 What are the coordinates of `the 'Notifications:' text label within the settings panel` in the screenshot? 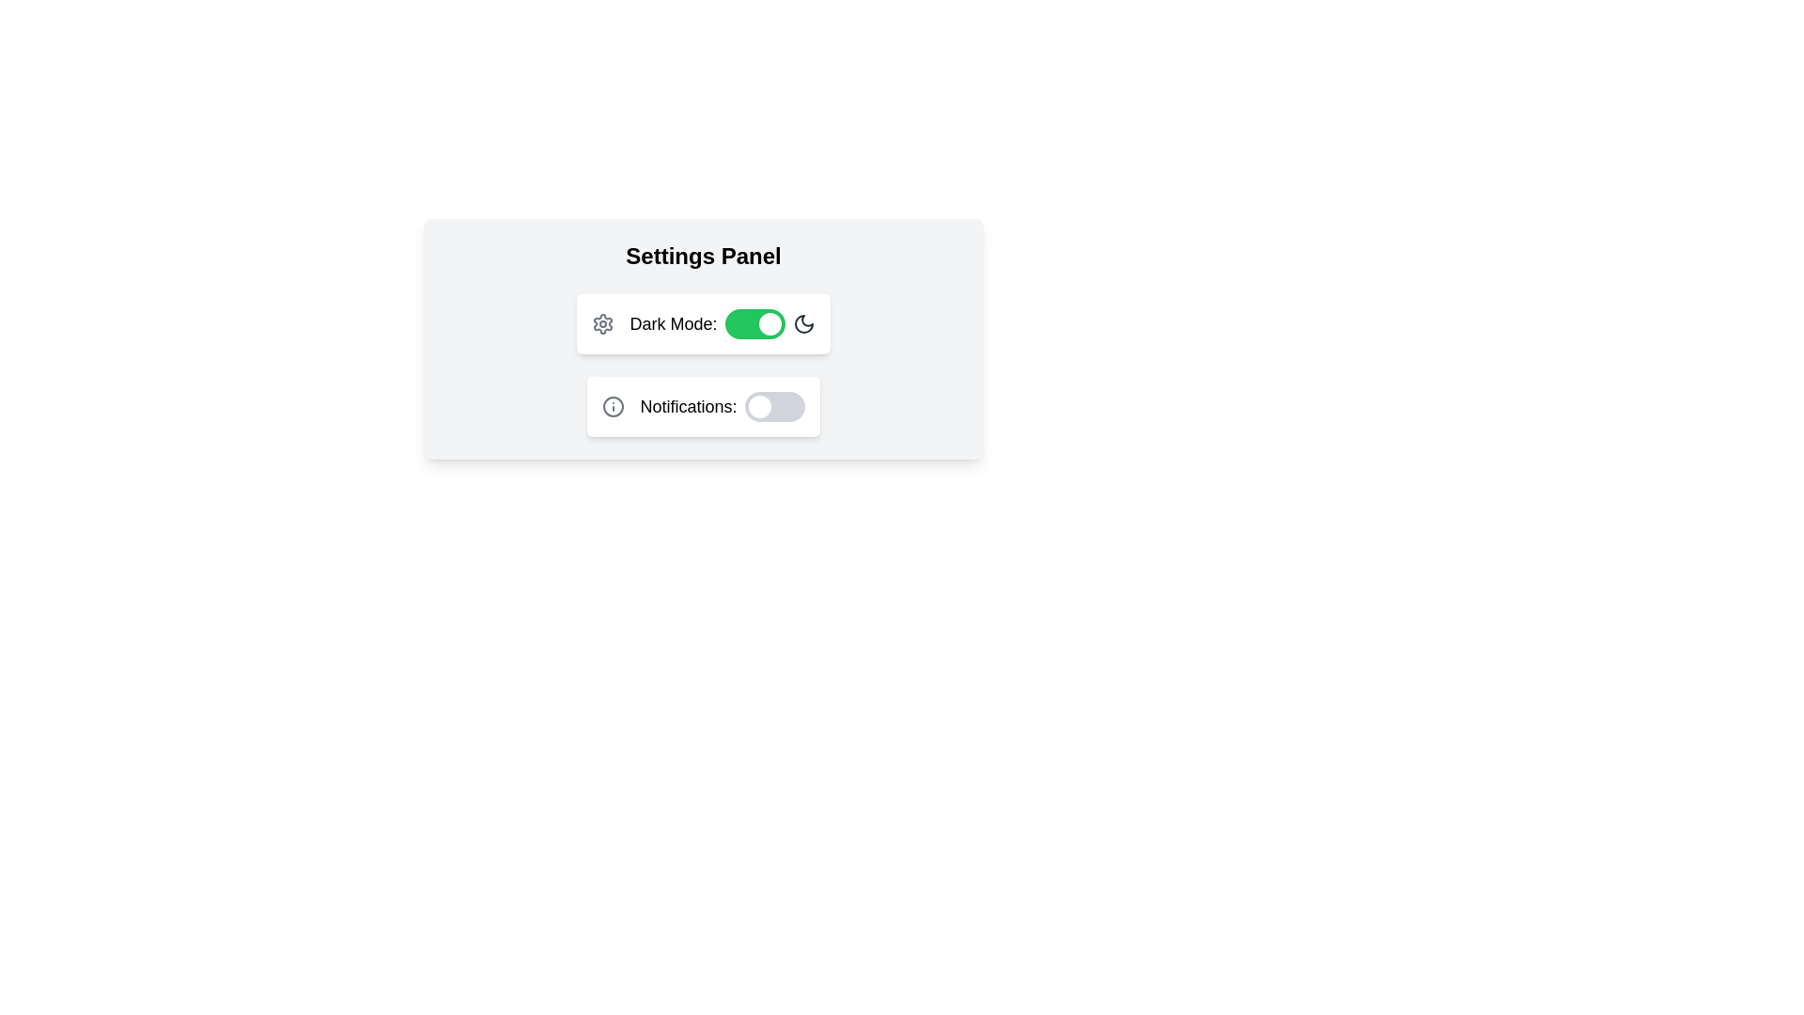 It's located at (721, 405).